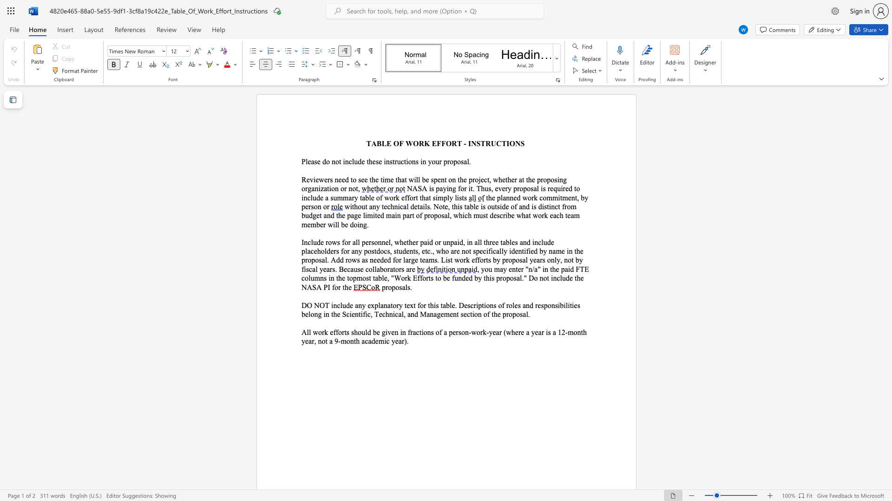 The width and height of the screenshot is (892, 501). What do you see at coordinates (509, 242) in the screenshot?
I see `the subset text "les and includ" within the text "Include rows for all personnel, whether paid or unpaid, in all three tables and include placeholders for any postdocs, students, etc., who are not specifically"` at bounding box center [509, 242].